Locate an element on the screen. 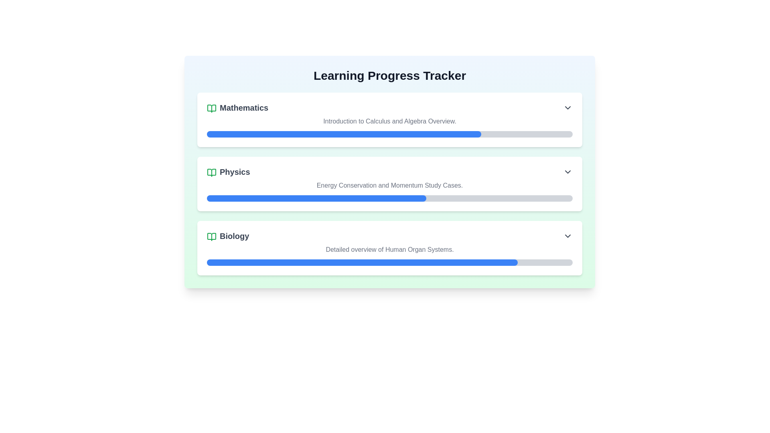 The width and height of the screenshot is (770, 433). the Dropdown toggle or chevron icon associated with the 'Biology' section to observe a styling change is located at coordinates (567, 236).